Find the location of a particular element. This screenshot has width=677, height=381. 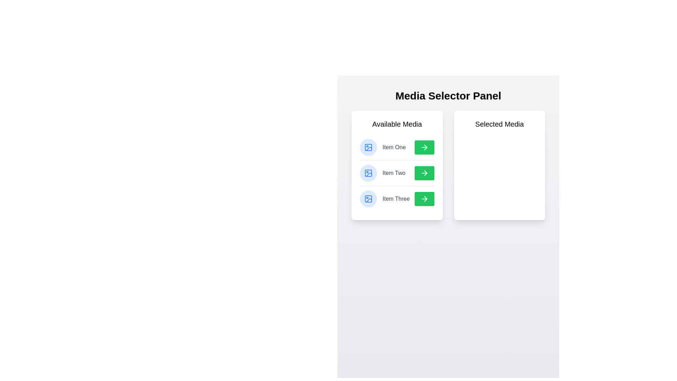

the arrow icon embedded in the green circular button next to the text 'Item Three' in the 'Available Media' panel is located at coordinates (424, 199).